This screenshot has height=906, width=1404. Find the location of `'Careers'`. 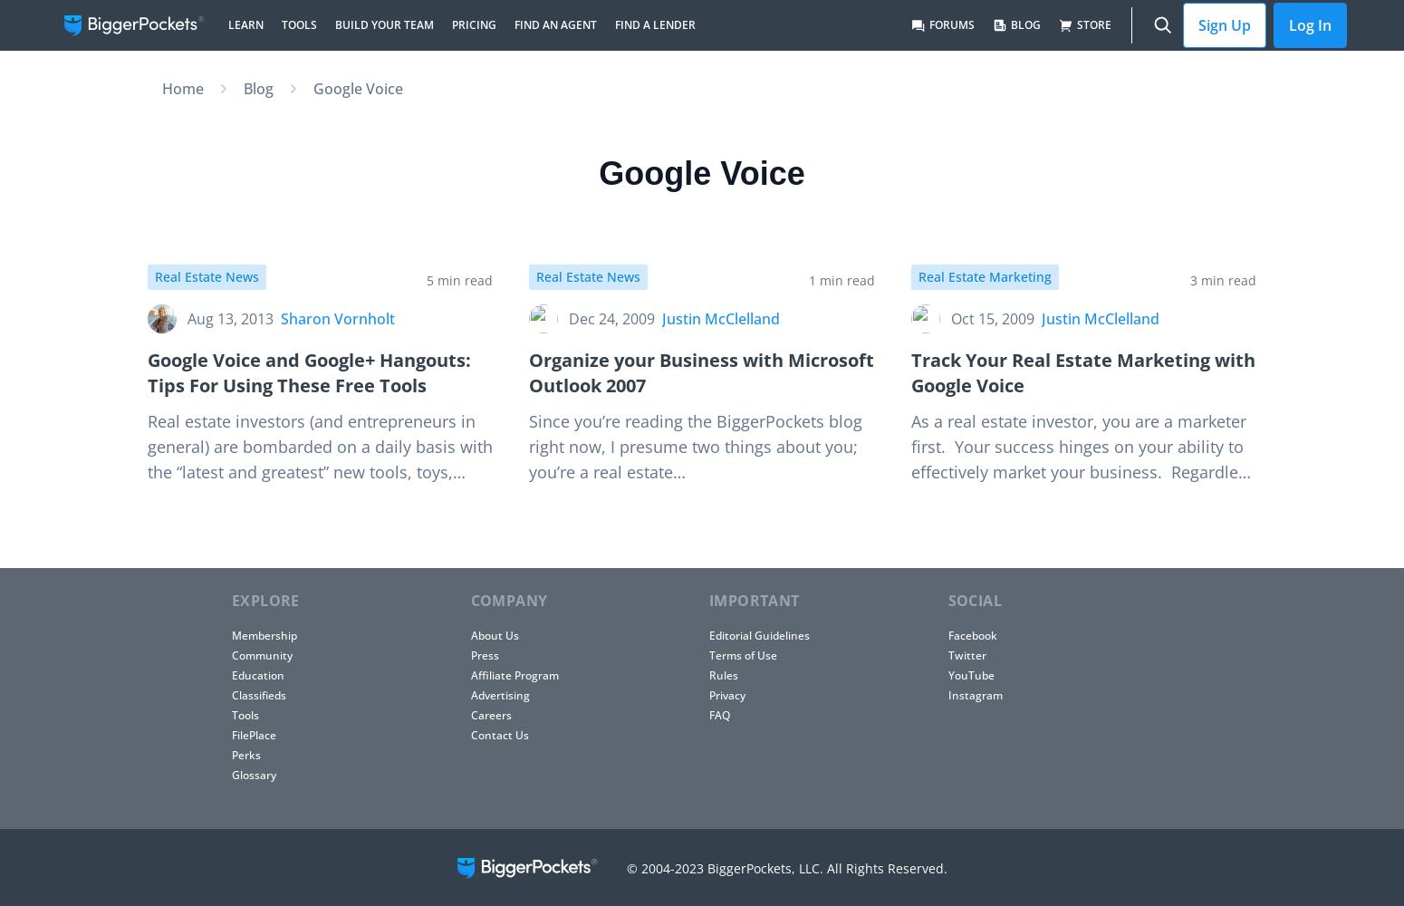

'Careers' is located at coordinates (489, 715).